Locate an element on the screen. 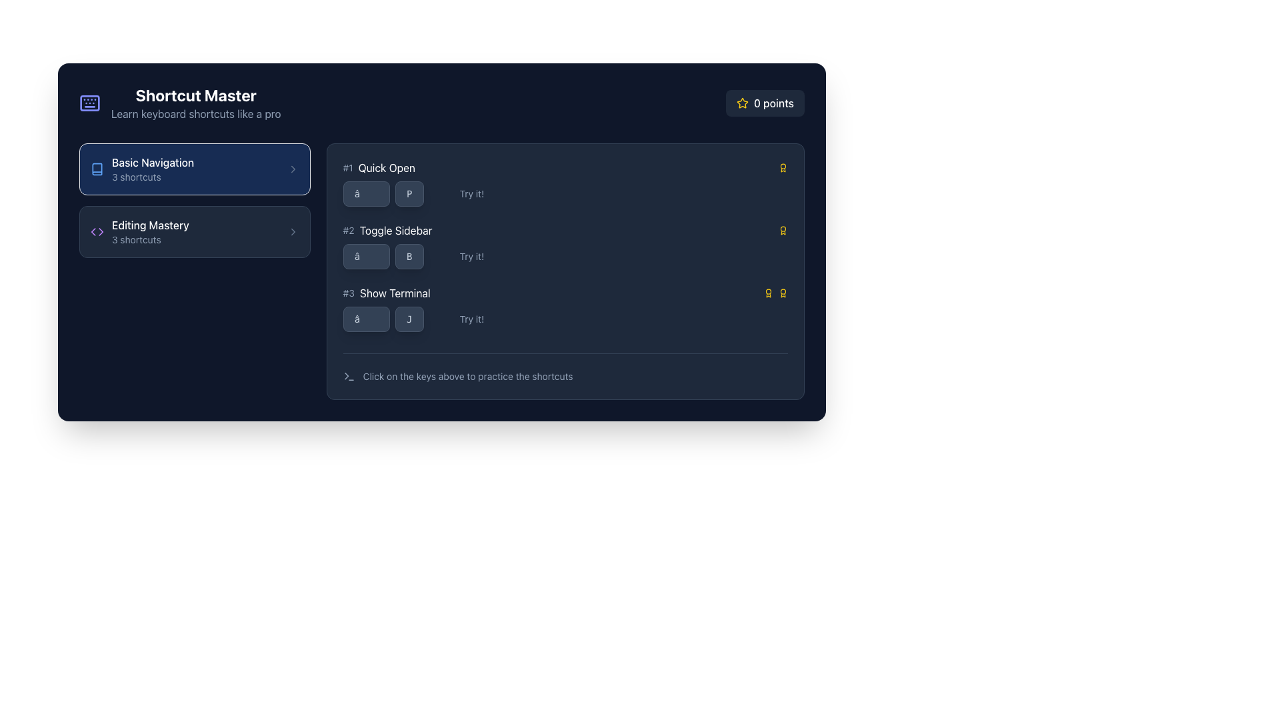 The image size is (1280, 720). the icon located at the top-right of the section adjacent to the heading '#1Quick Open', which symbolizes an achievement or feature highlight is located at coordinates (783, 167).